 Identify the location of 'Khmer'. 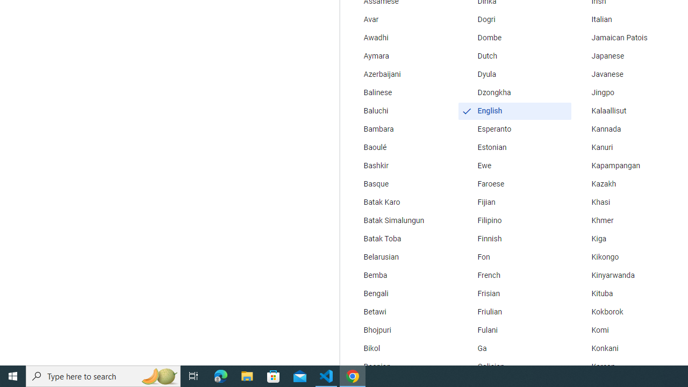
(628, 220).